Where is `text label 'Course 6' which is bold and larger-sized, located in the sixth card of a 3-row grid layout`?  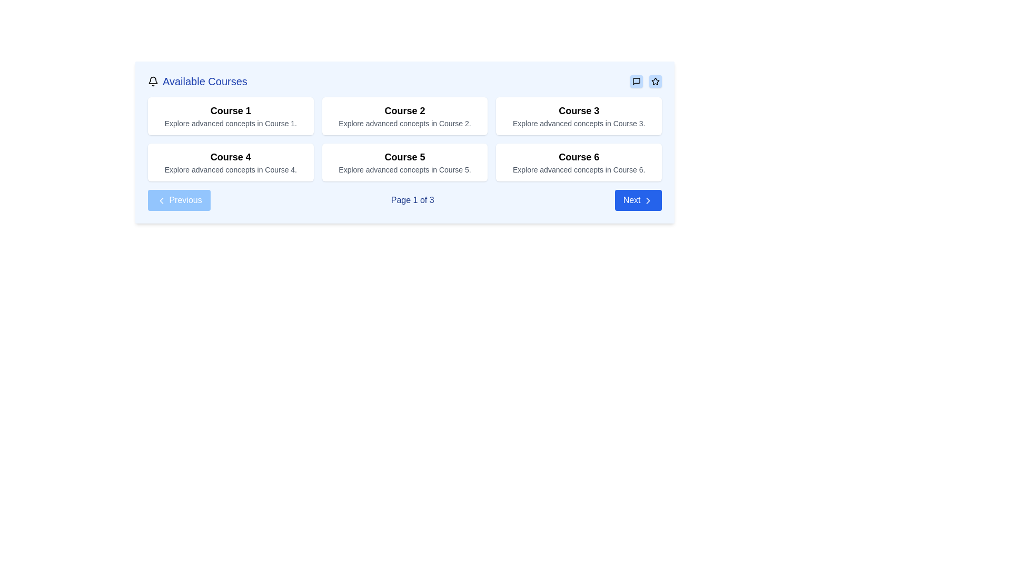
text label 'Course 6' which is bold and larger-sized, located in the sixth card of a 3-row grid layout is located at coordinates (578, 157).